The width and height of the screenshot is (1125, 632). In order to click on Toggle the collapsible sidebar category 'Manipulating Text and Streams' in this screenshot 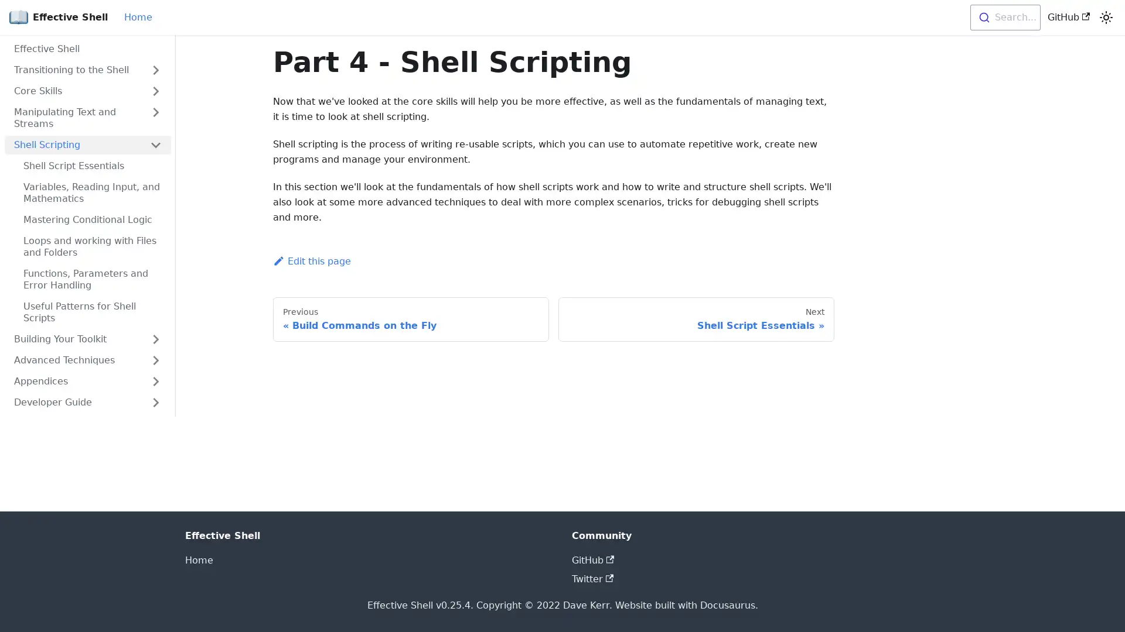, I will do `click(155, 118)`.